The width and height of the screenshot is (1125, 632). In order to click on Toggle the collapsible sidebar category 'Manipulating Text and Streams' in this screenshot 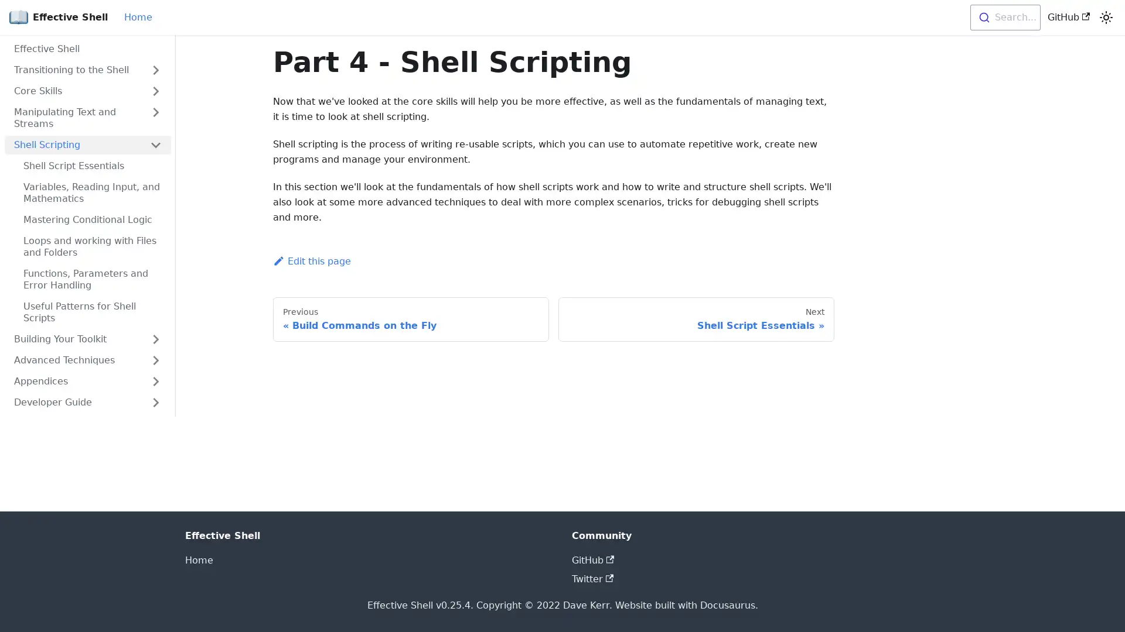, I will do `click(155, 118)`.